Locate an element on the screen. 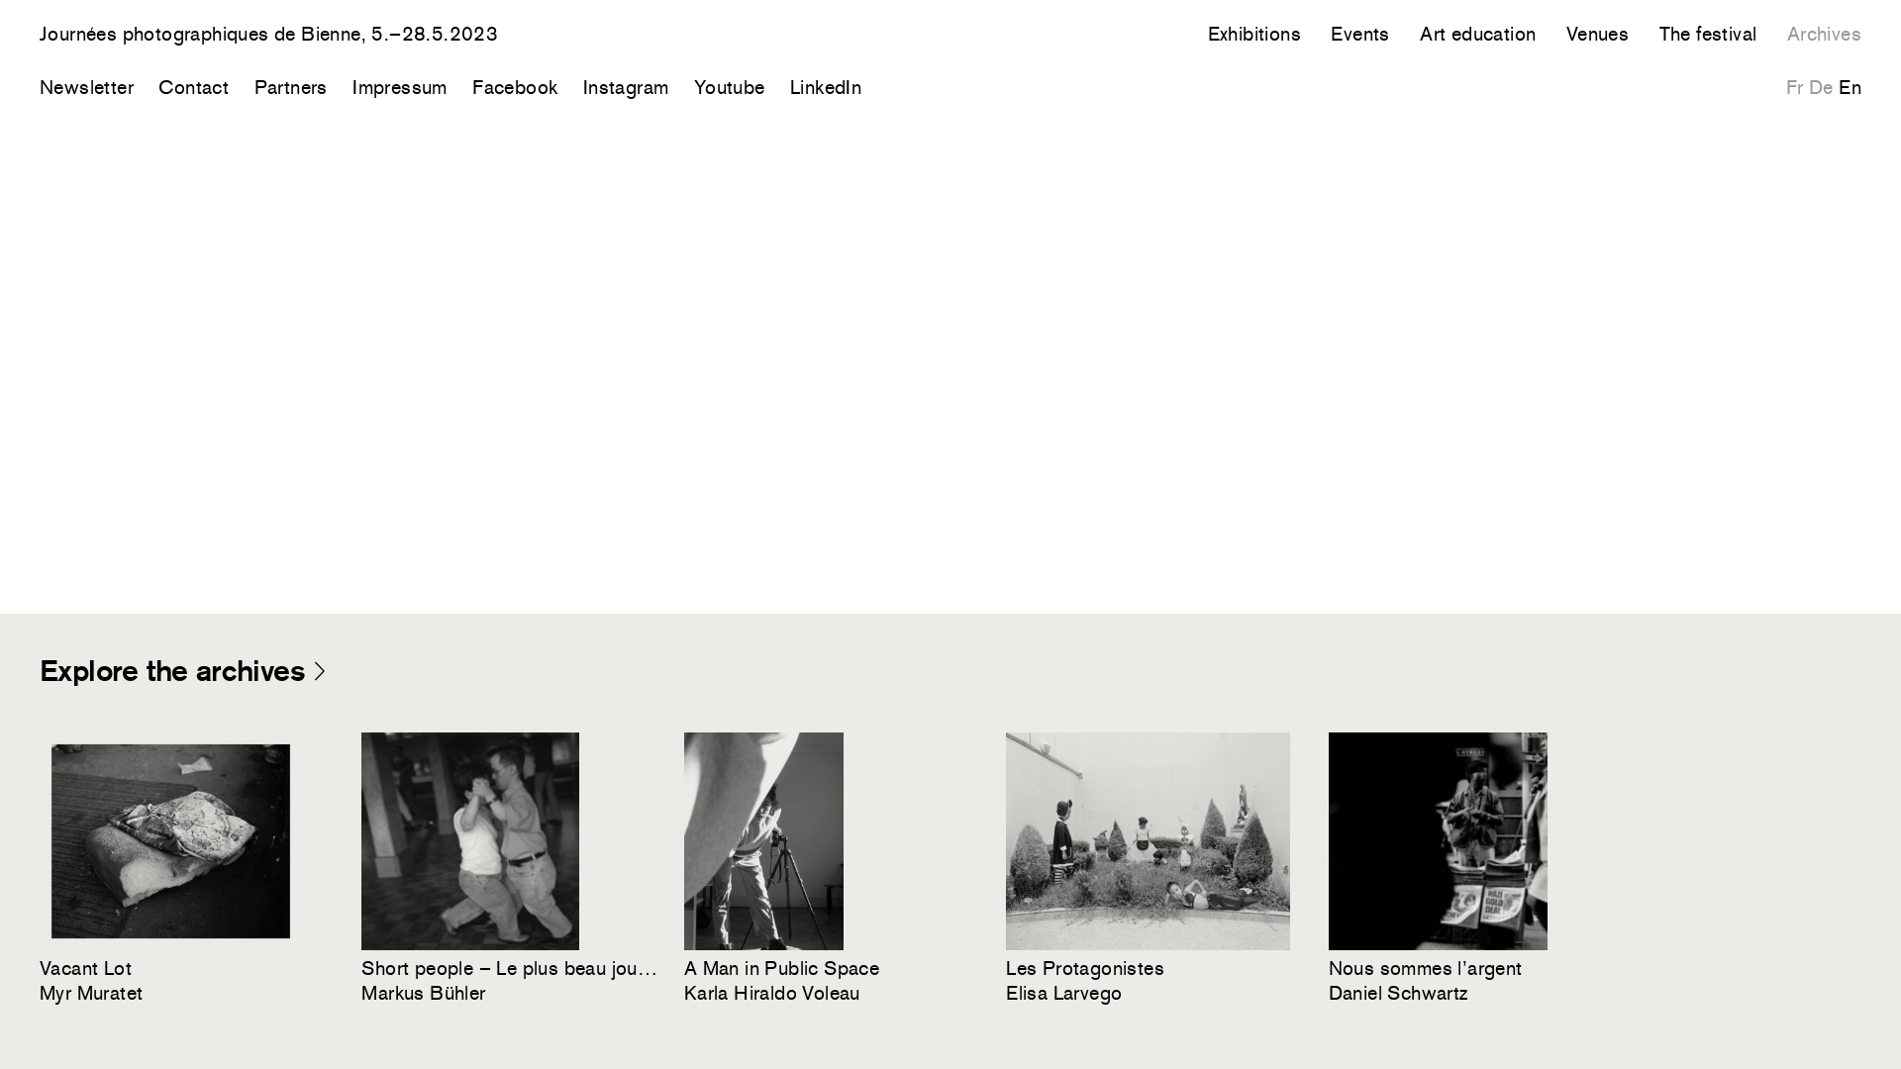  'Youtube' is located at coordinates (729, 86).